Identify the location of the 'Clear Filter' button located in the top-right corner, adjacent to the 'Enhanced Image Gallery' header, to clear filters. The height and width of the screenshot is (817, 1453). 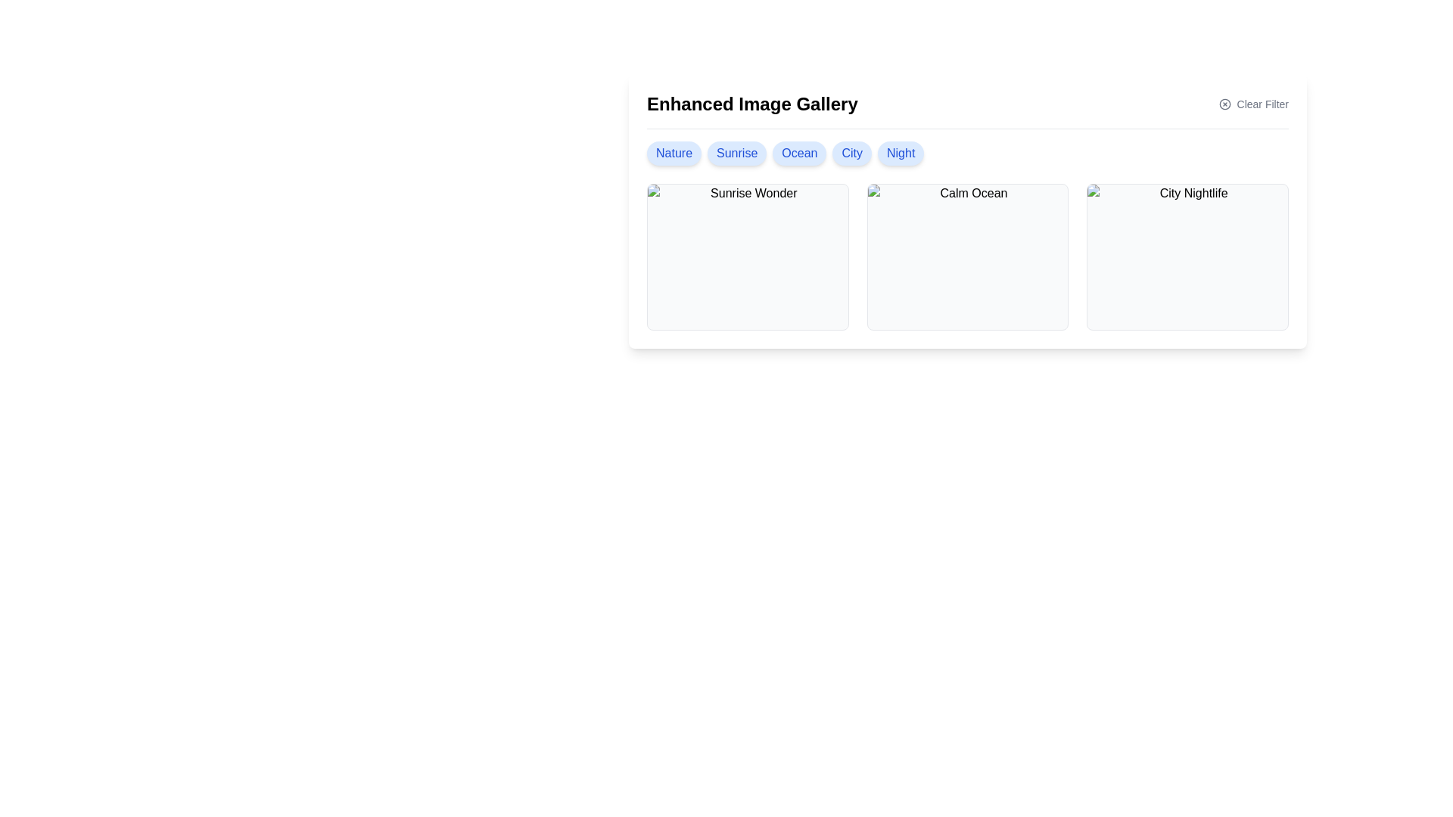
(1253, 104).